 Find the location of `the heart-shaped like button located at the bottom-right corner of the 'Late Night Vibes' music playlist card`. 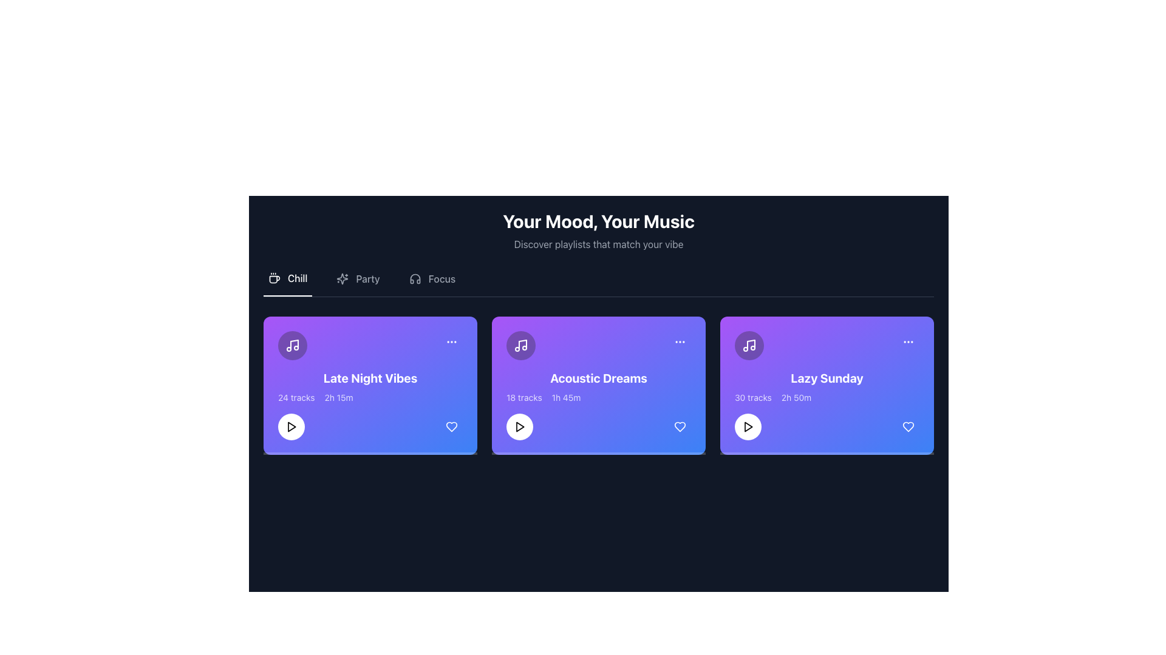

the heart-shaped like button located at the bottom-right corner of the 'Late Night Vibes' music playlist card is located at coordinates (451, 426).